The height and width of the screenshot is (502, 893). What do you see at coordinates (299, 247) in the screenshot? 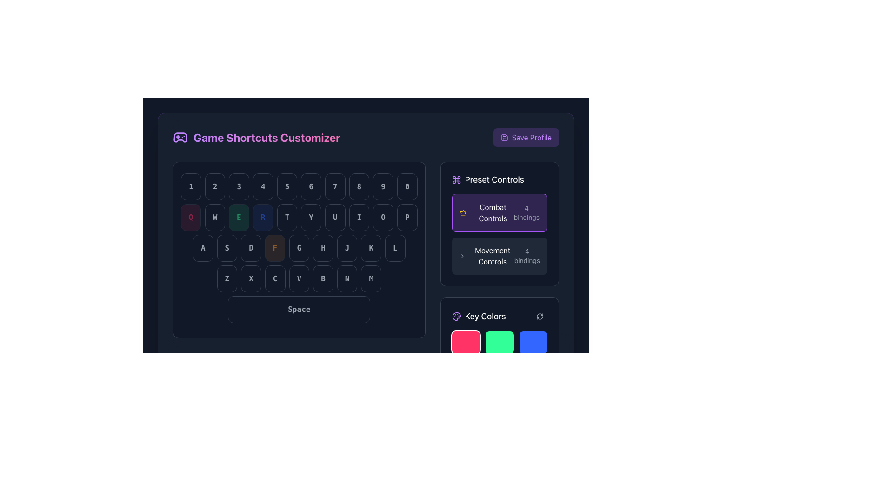
I see `the rectangular button displaying the uppercase letter 'G' in bold, monospaced font, which is located between the buttons labeled 'F' and 'H' in the keyboard layout` at bounding box center [299, 247].